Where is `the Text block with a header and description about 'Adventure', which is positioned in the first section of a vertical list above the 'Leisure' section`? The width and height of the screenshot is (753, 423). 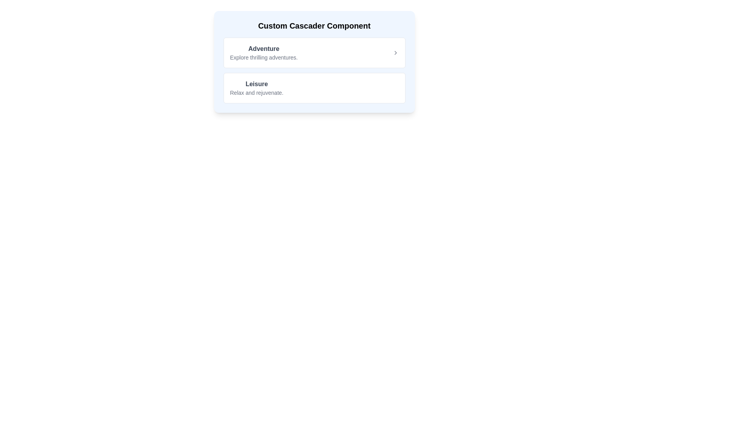 the Text block with a header and description about 'Adventure', which is positioned in the first section of a vertical list above the 'Leisure' section is located at coordinates (264, 53).